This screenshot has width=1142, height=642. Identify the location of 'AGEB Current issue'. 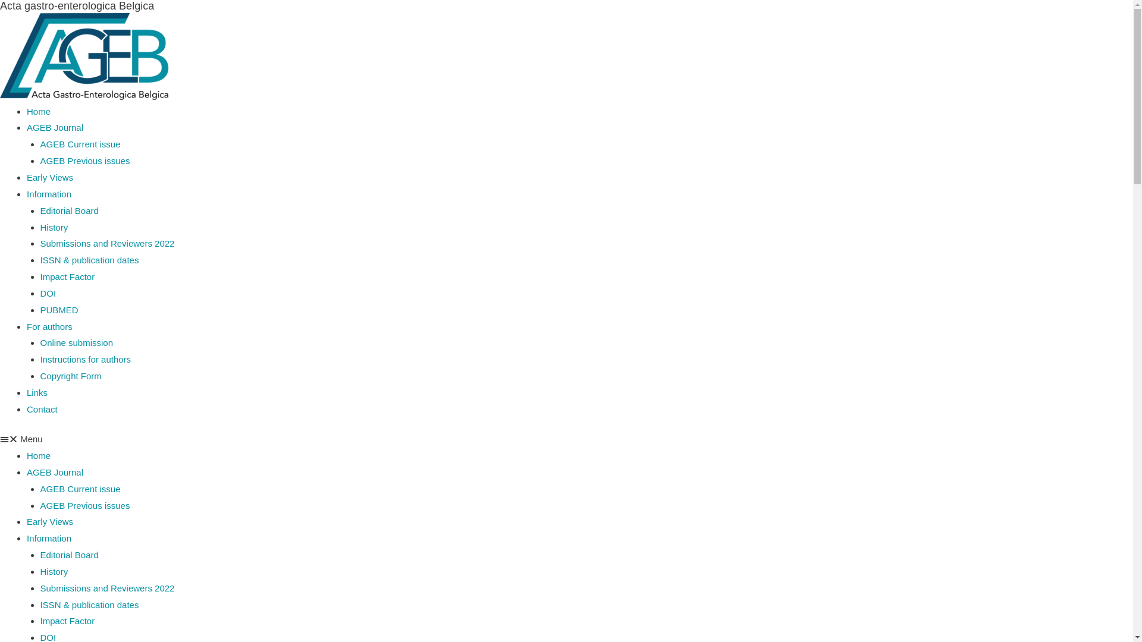
(80, 489).